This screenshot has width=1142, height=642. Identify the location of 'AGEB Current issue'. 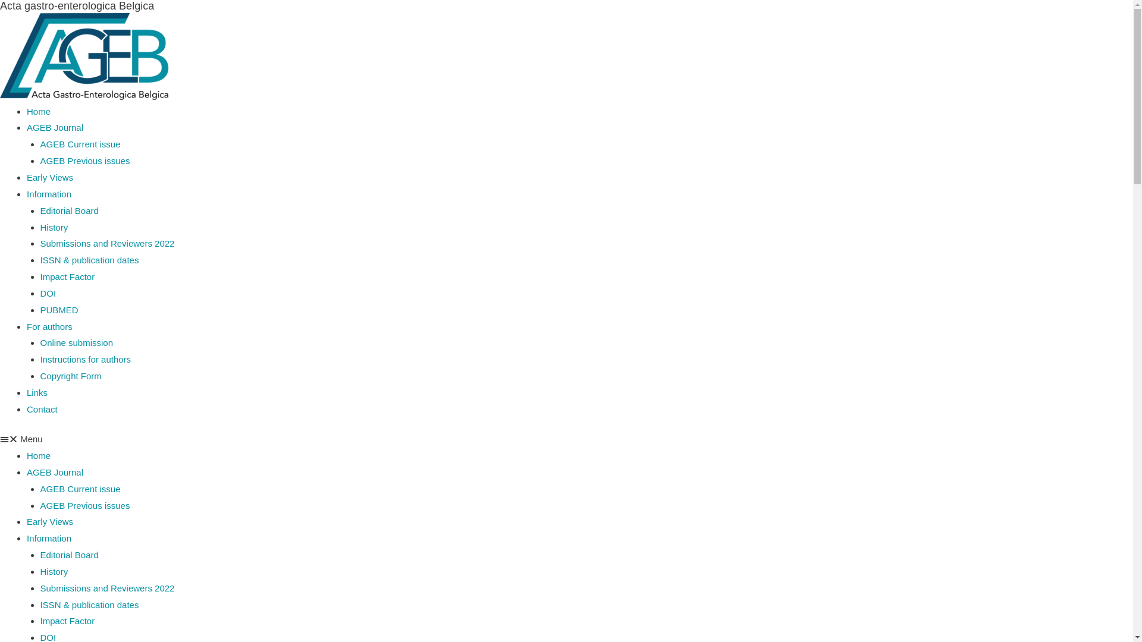
(80, 489).